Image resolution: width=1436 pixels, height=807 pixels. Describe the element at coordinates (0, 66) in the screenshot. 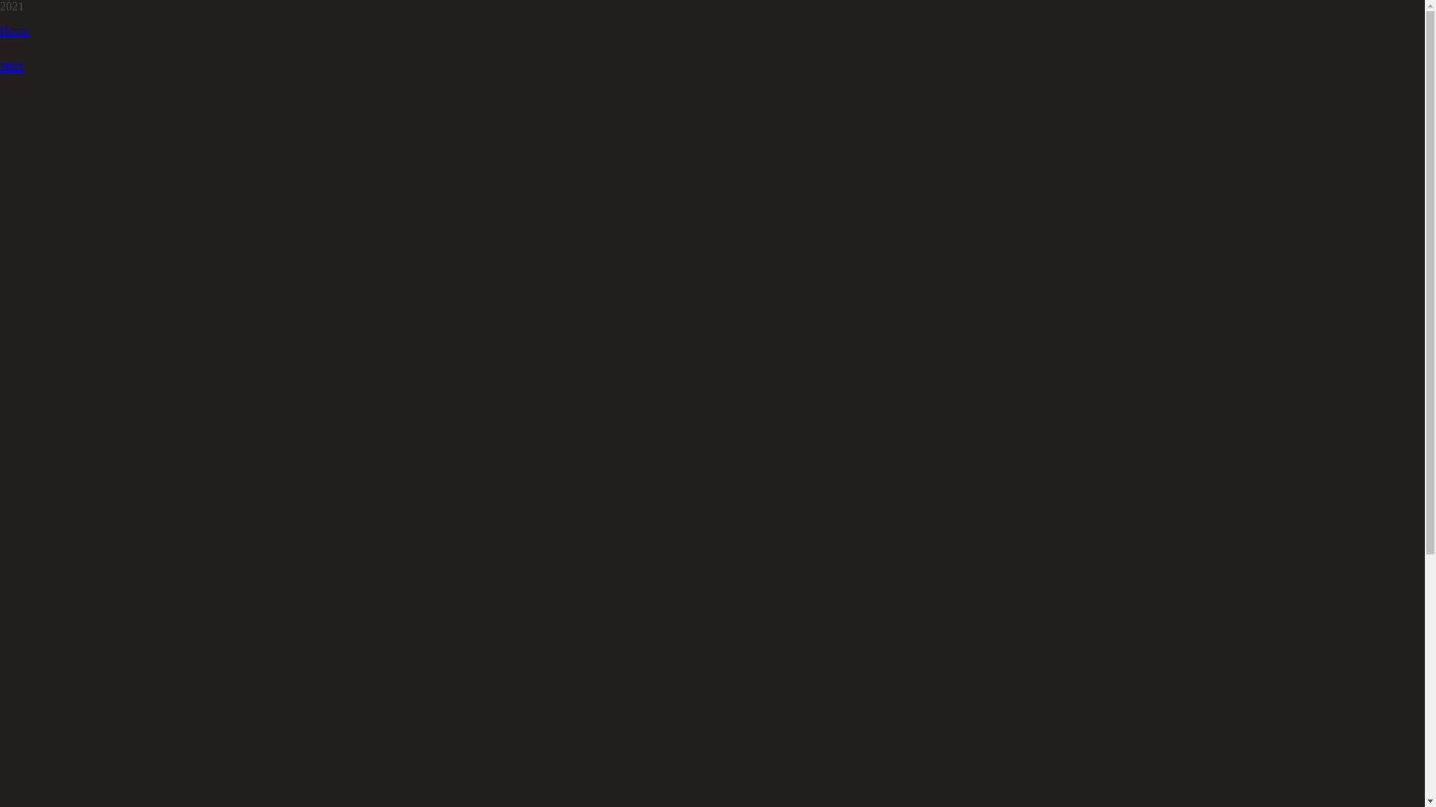

I see `'2021'` at that location.